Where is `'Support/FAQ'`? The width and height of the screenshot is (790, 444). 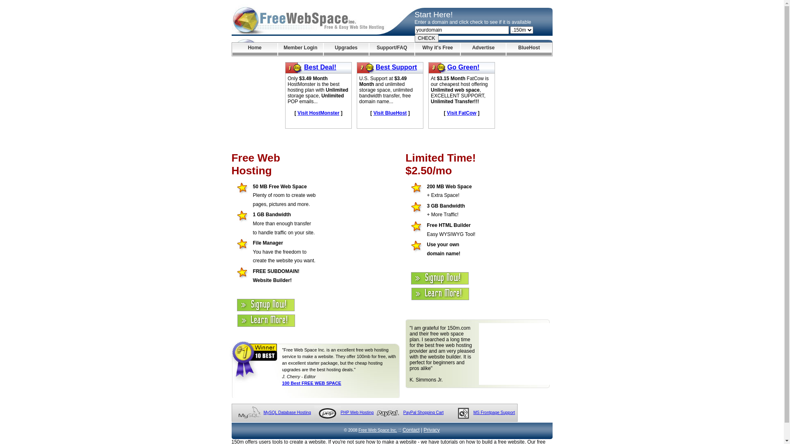 'Support/FAQ' is located at coordinates (369, 49).